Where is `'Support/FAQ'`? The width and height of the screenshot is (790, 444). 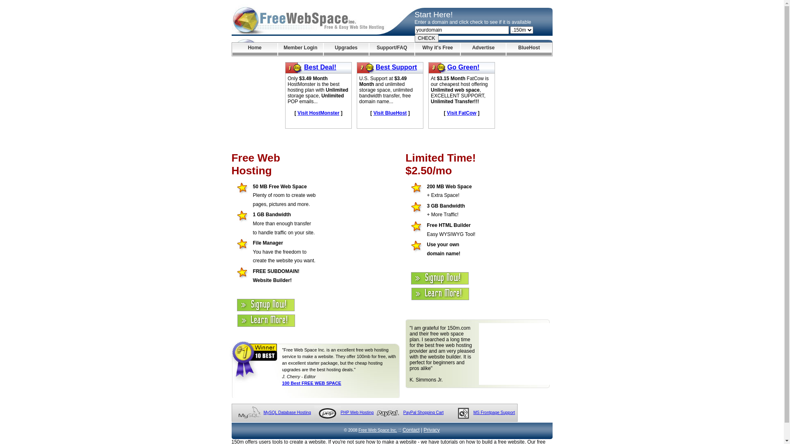 'Support/FAQ' is located at coordinates (369, 49).